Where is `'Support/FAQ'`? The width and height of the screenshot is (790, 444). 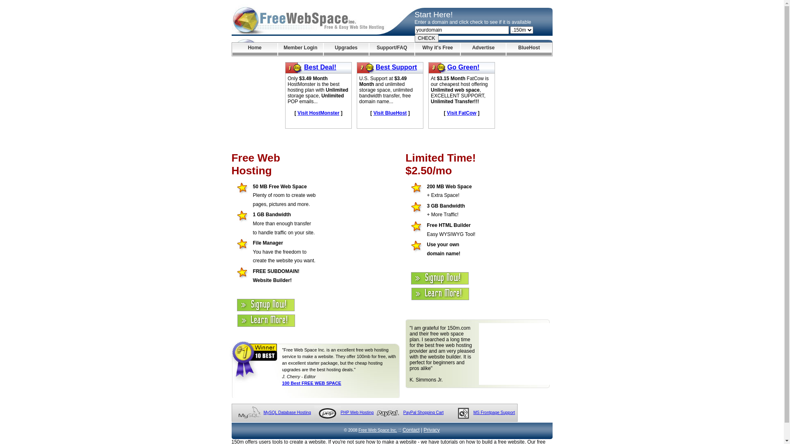 'Support/FAQ' is located at coordinates (369, 49).